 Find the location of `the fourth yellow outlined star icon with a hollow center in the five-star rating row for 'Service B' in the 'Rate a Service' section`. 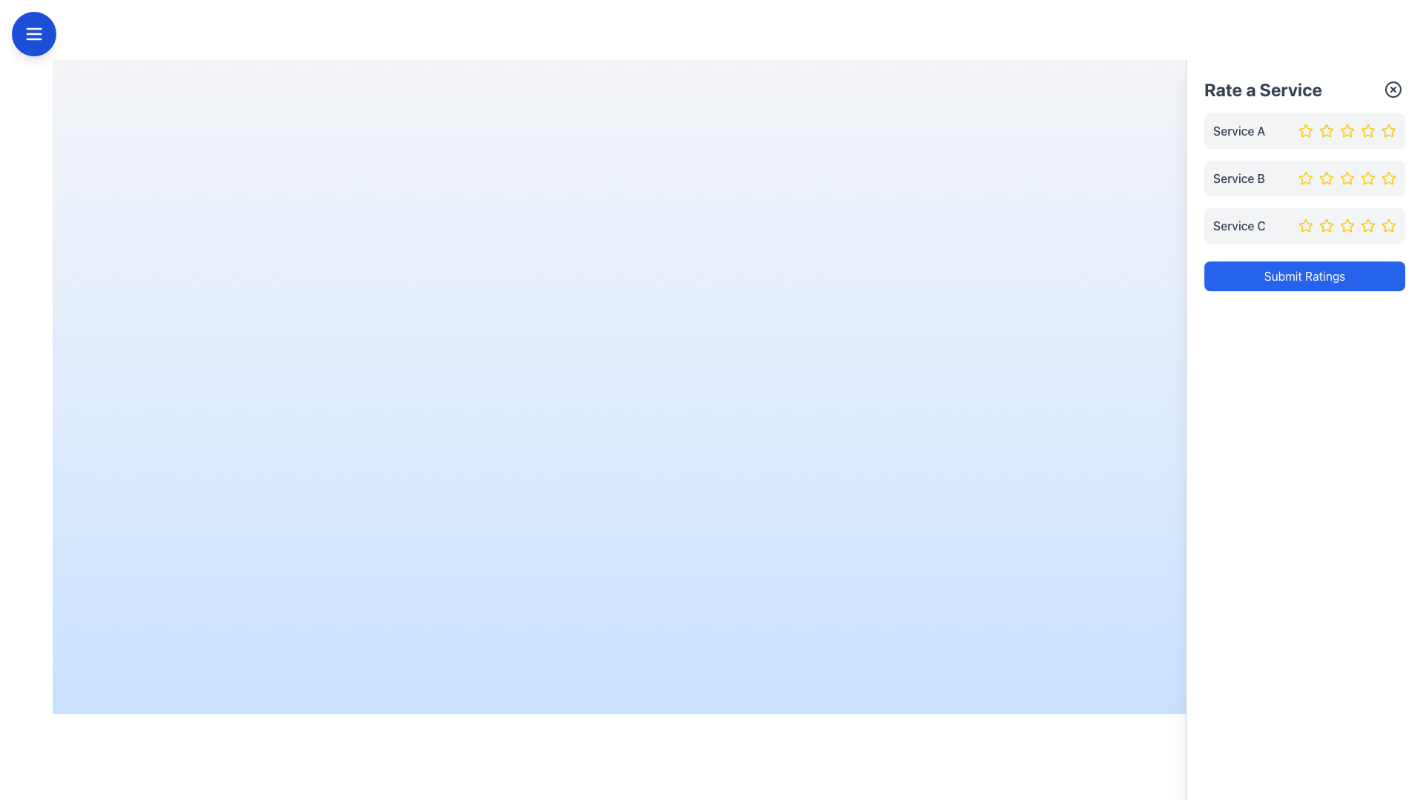

the fourth yellow outlined star icon with a hollow center in the five-star rating row for 'Service B' in the 'Rate a Service' section is located at coordinates (1347, 177).